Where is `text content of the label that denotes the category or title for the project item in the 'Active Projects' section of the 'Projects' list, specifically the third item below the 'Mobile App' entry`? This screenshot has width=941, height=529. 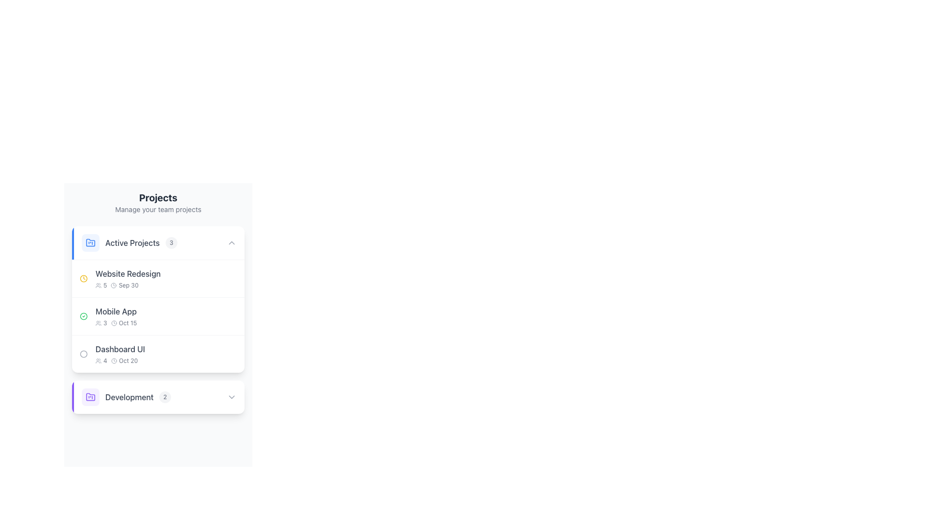 text content of the label that denotes the category or title for the project item in the 'Active Projects' section of the 'Projects' list, specifically the third item below the 'Mobile App' entry is located at coordinates (120, 349).